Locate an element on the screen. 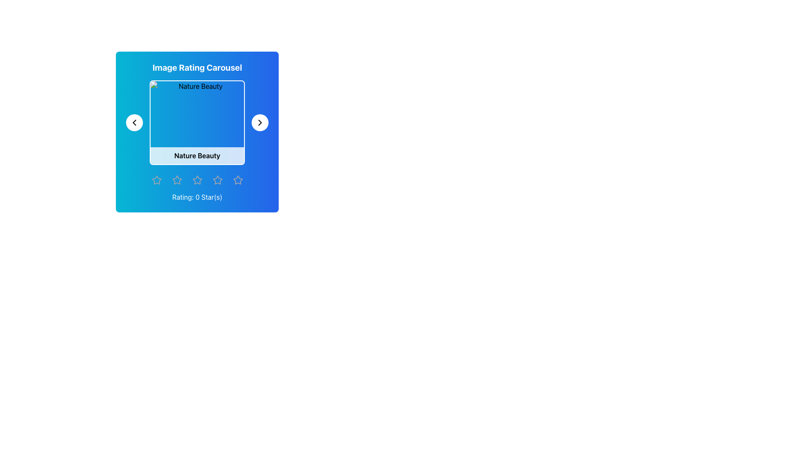  the third star icon in the rating system located under the 'Nature Beauty' title is located at coordinates (217, 179).